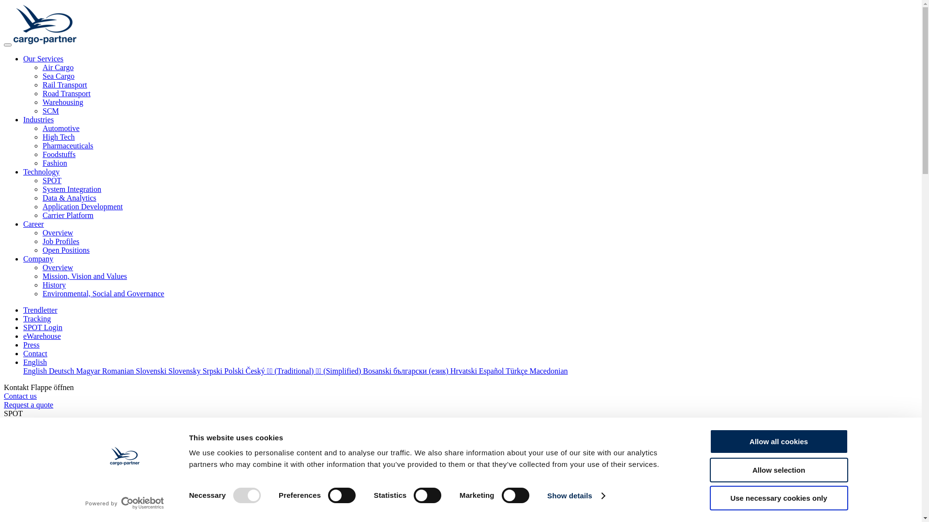 This screenshot has height=522, width=929. What do you see at coordinates (67, 215) in the screenshot?
I see `'Carrier Platform'` at bounding box center [67, 215].